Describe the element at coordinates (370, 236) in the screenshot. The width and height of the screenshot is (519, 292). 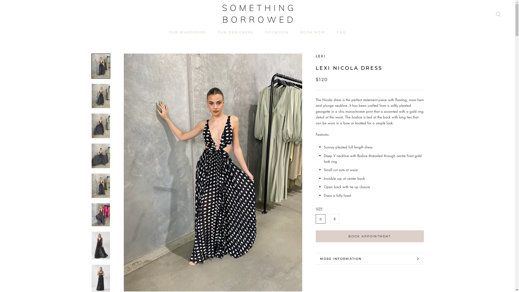
I see `'BOOK APPOINTMENT'` at that location.